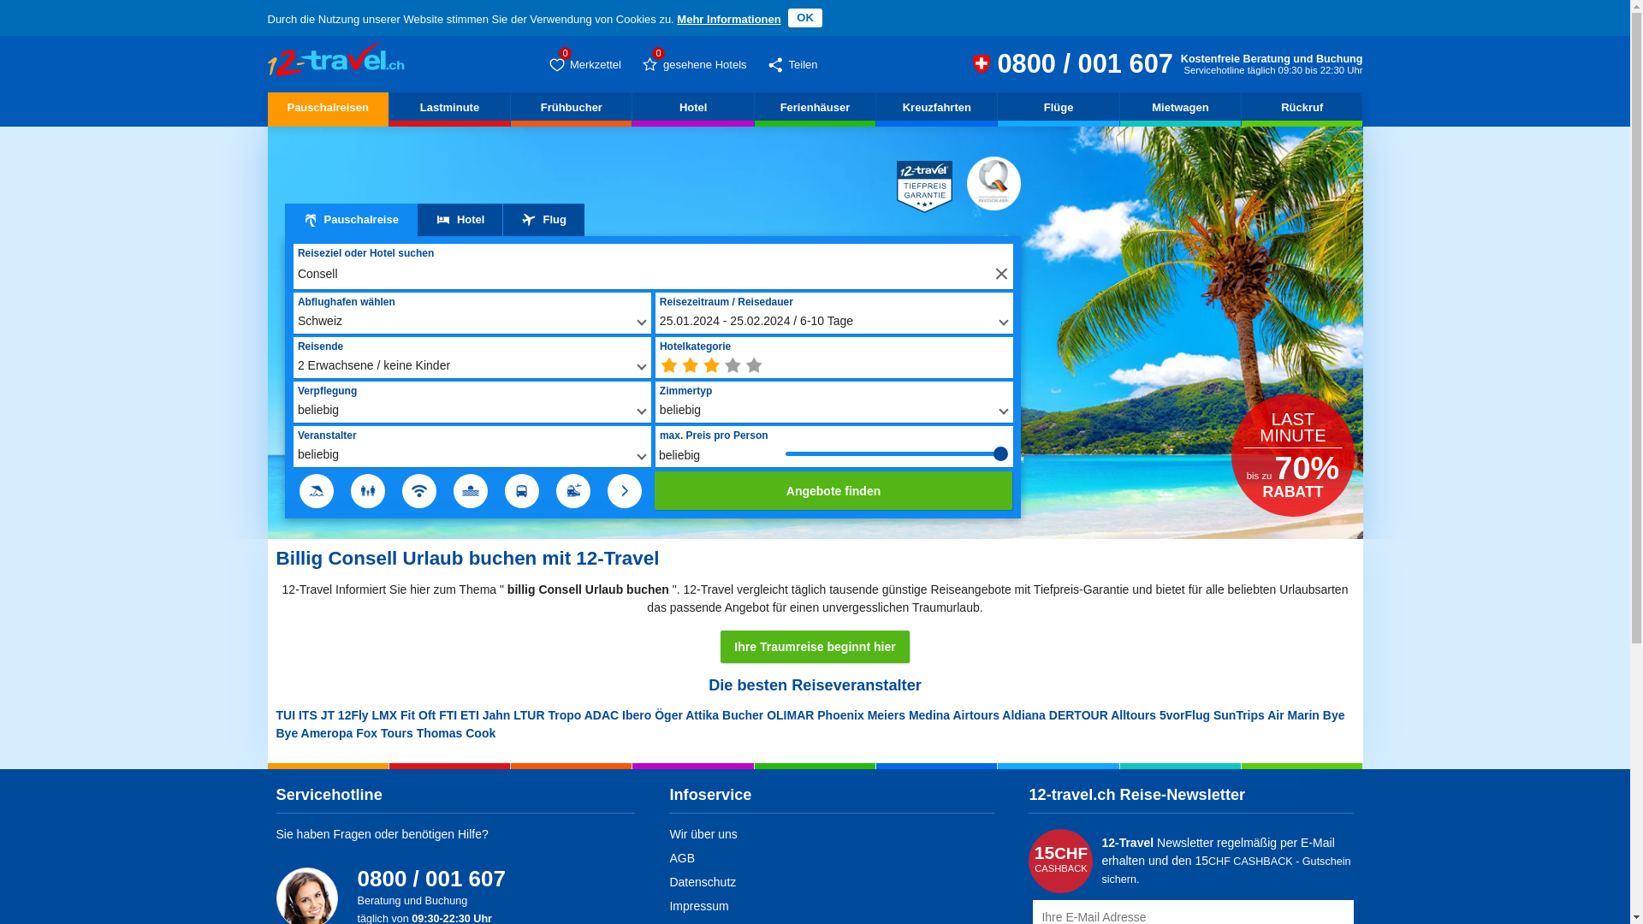 The height and width of the screenshot is (924, 1643). Describe the element at coordinates (460, 715) in the screenshot. I see `'ETI'` at that location.